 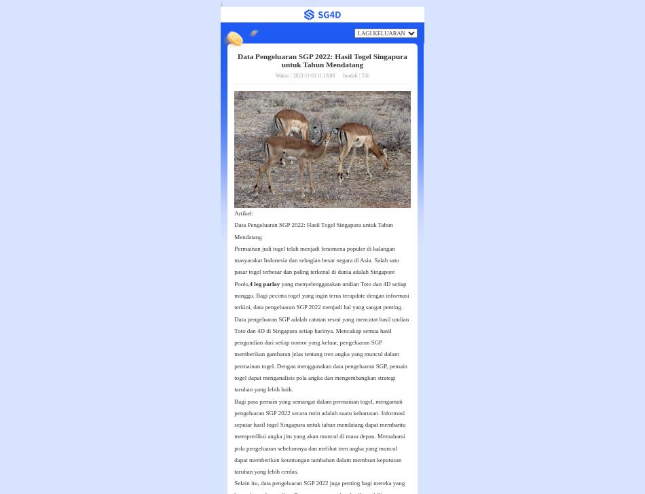 What do you see at coordinates (234, 294) in the screenshot?
I see `'yang menyelenggarakan undian Toto dan 4D setiap minggu. Bagi pecinta togel yang ingin terus terupdate dengan informasi terkini, data pengeluaran SGP 2022 menjadi hal yang sangat penting.'` at bounding box center [234, 294].